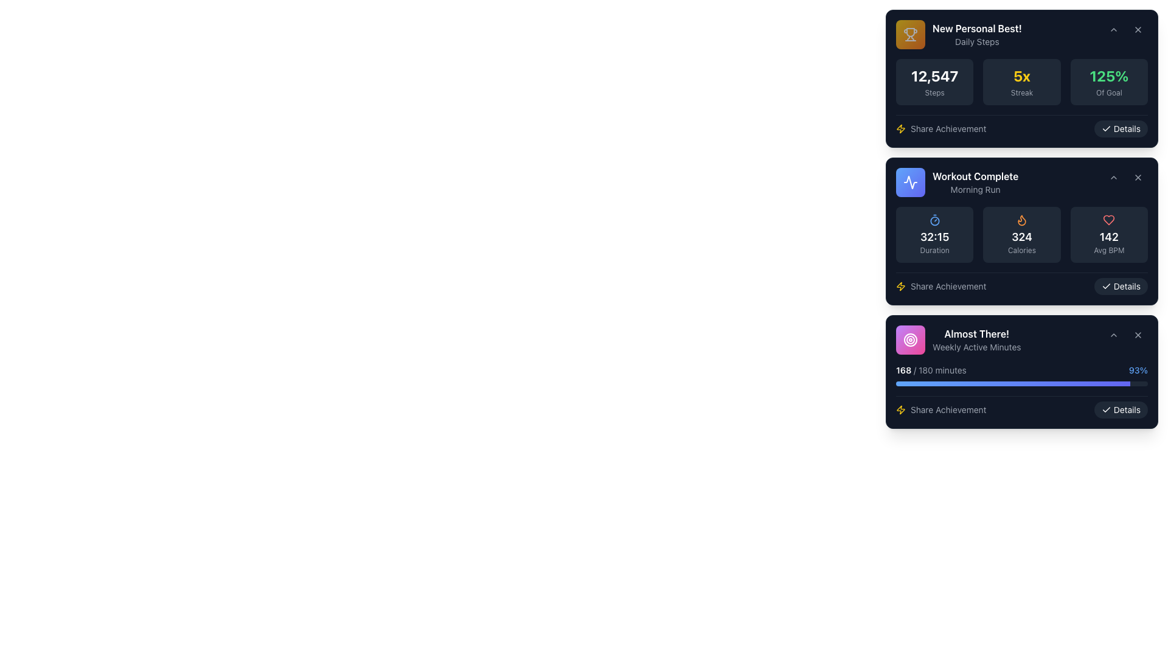 The image size is (1168, 657). What do you see at coordinates (1022, 231) in the screenshot?
I see `the buttons or links included in the second workout summary card, which displays metrics like duration, calories burned, and heart rate` at bounding box center [1022, 231].